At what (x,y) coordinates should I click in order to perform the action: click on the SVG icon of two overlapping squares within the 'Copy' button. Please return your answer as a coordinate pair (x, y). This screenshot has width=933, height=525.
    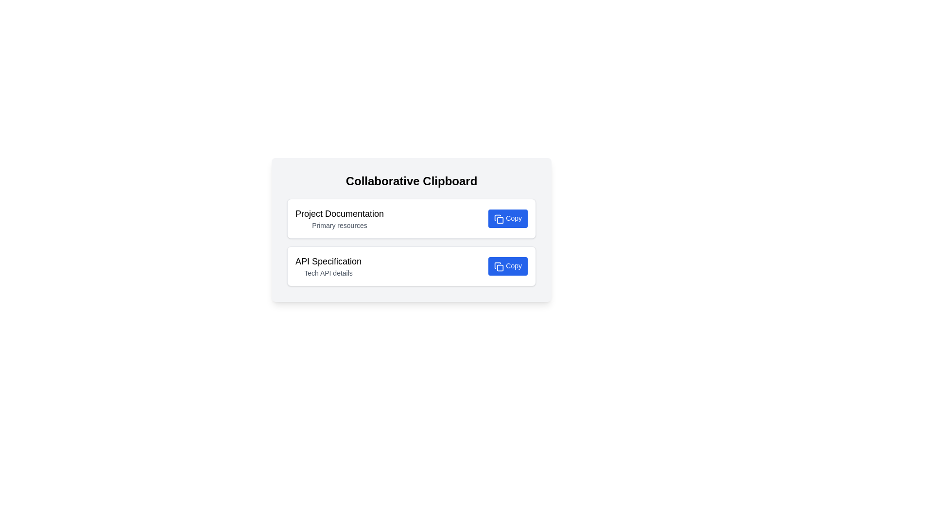
    Looking at the image, I should click on (499, 266).